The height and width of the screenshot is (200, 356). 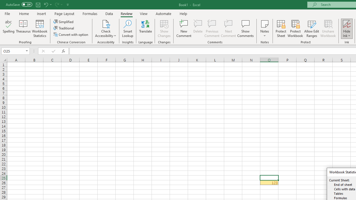 I want to click on 'Formulas', so click(x=90, y=13).